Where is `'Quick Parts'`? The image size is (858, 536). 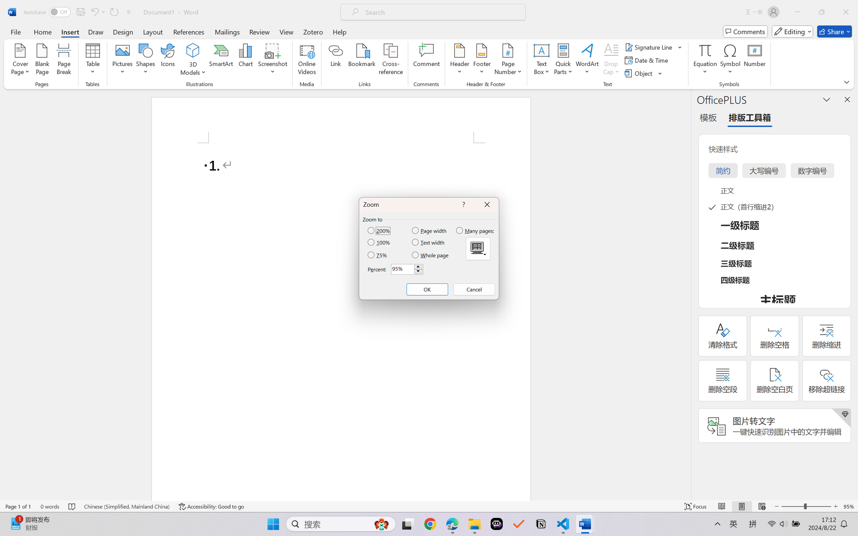
'Quick Parts' is located at coordinates (563, 60).